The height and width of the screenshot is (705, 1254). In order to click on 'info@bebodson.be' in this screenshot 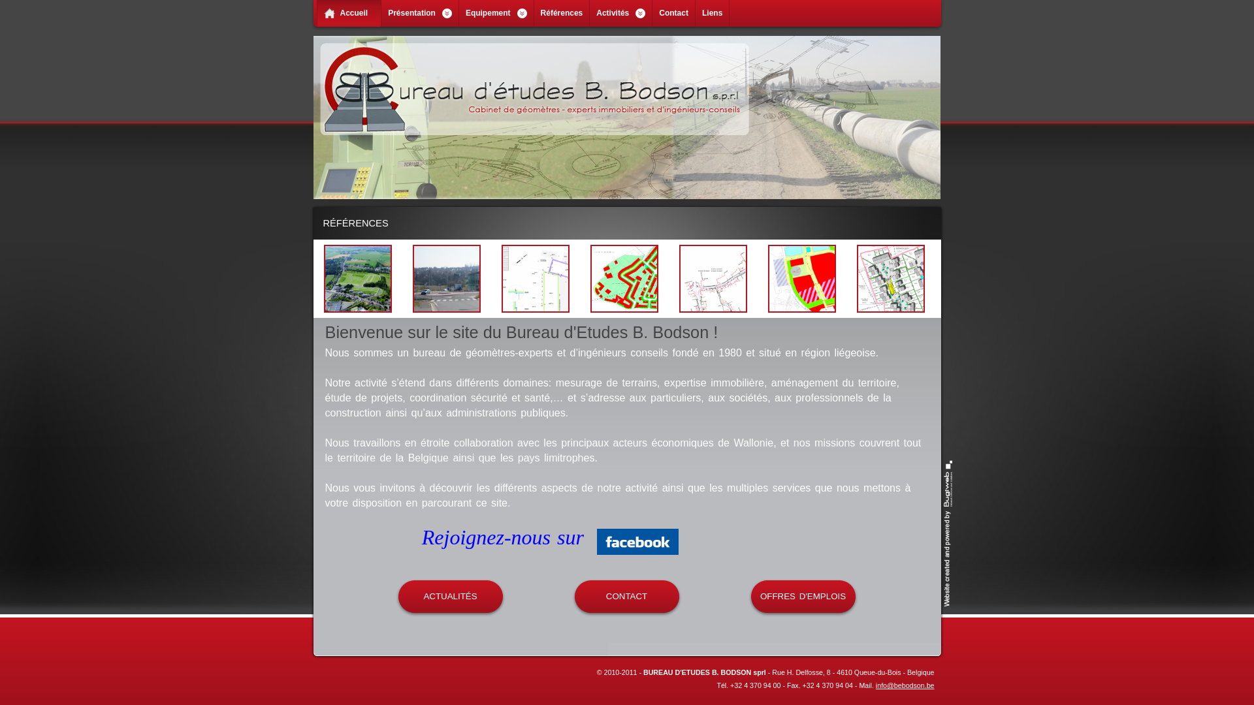, I will do `click(905, 684)`.